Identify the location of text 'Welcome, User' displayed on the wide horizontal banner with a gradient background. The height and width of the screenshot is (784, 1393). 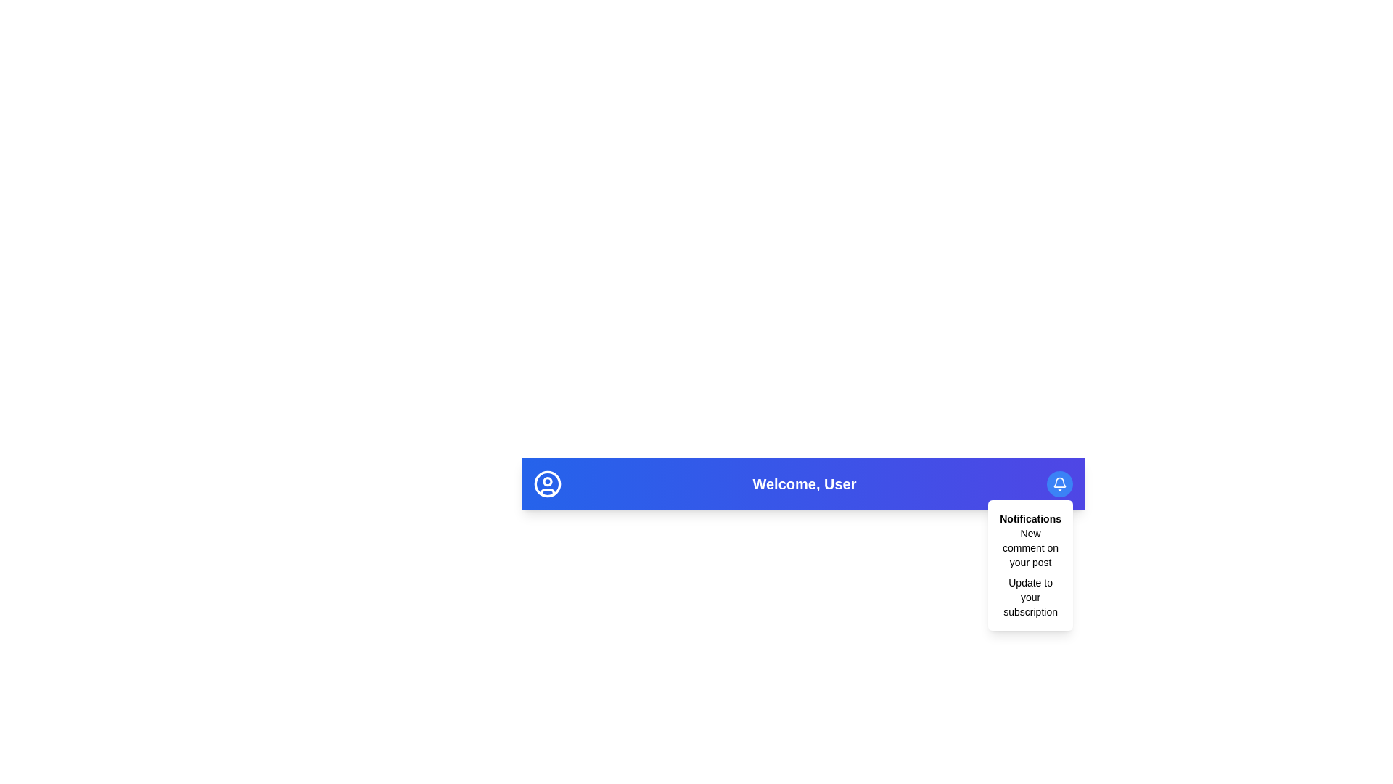
(802, 484).